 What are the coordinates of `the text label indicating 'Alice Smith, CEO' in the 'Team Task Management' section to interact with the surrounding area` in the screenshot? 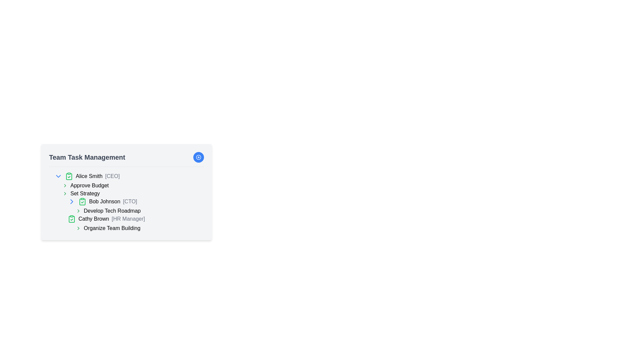 It's located at (97, 176).